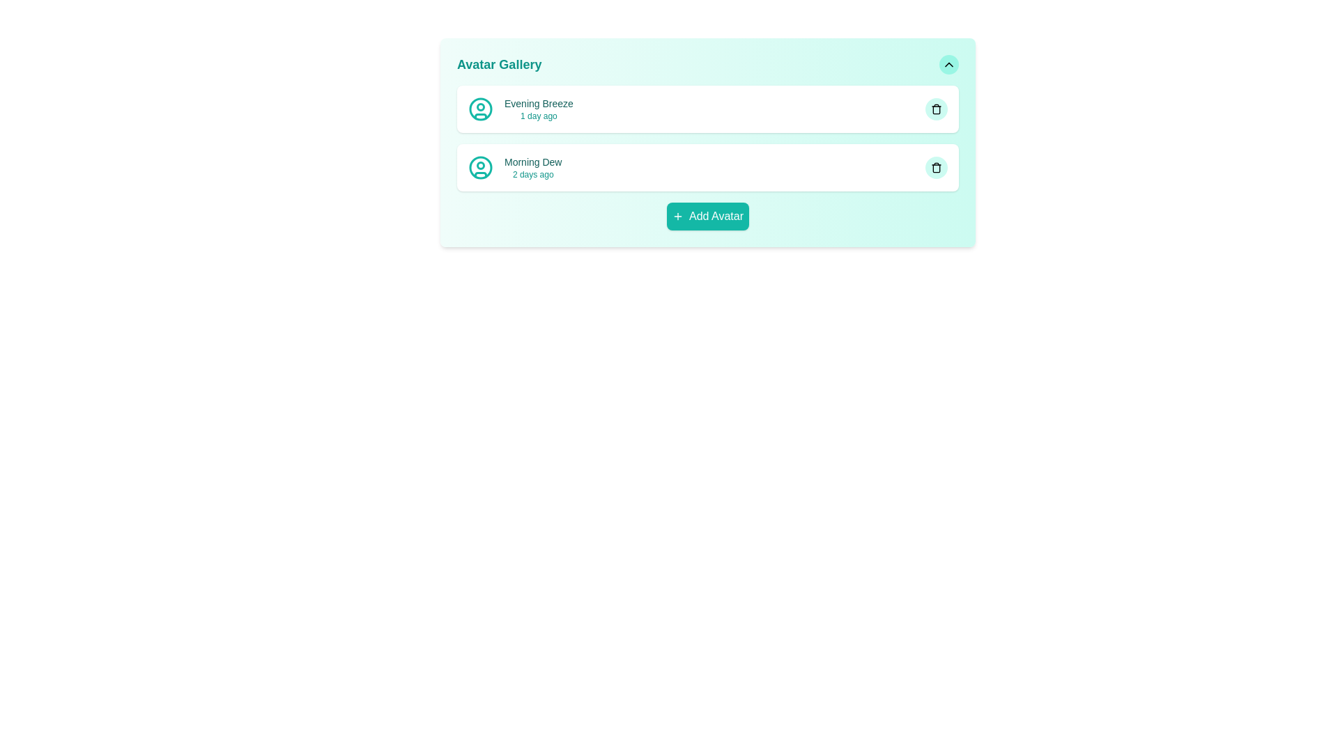 The image size is (1338, 752). Describe the element at coordinates (708, 217) in the screenshot. I see `the 'Add Avatar' button, which is a rectangular button with a teal background and white text, displaying a white '+' icon and rounded corners` at that location.